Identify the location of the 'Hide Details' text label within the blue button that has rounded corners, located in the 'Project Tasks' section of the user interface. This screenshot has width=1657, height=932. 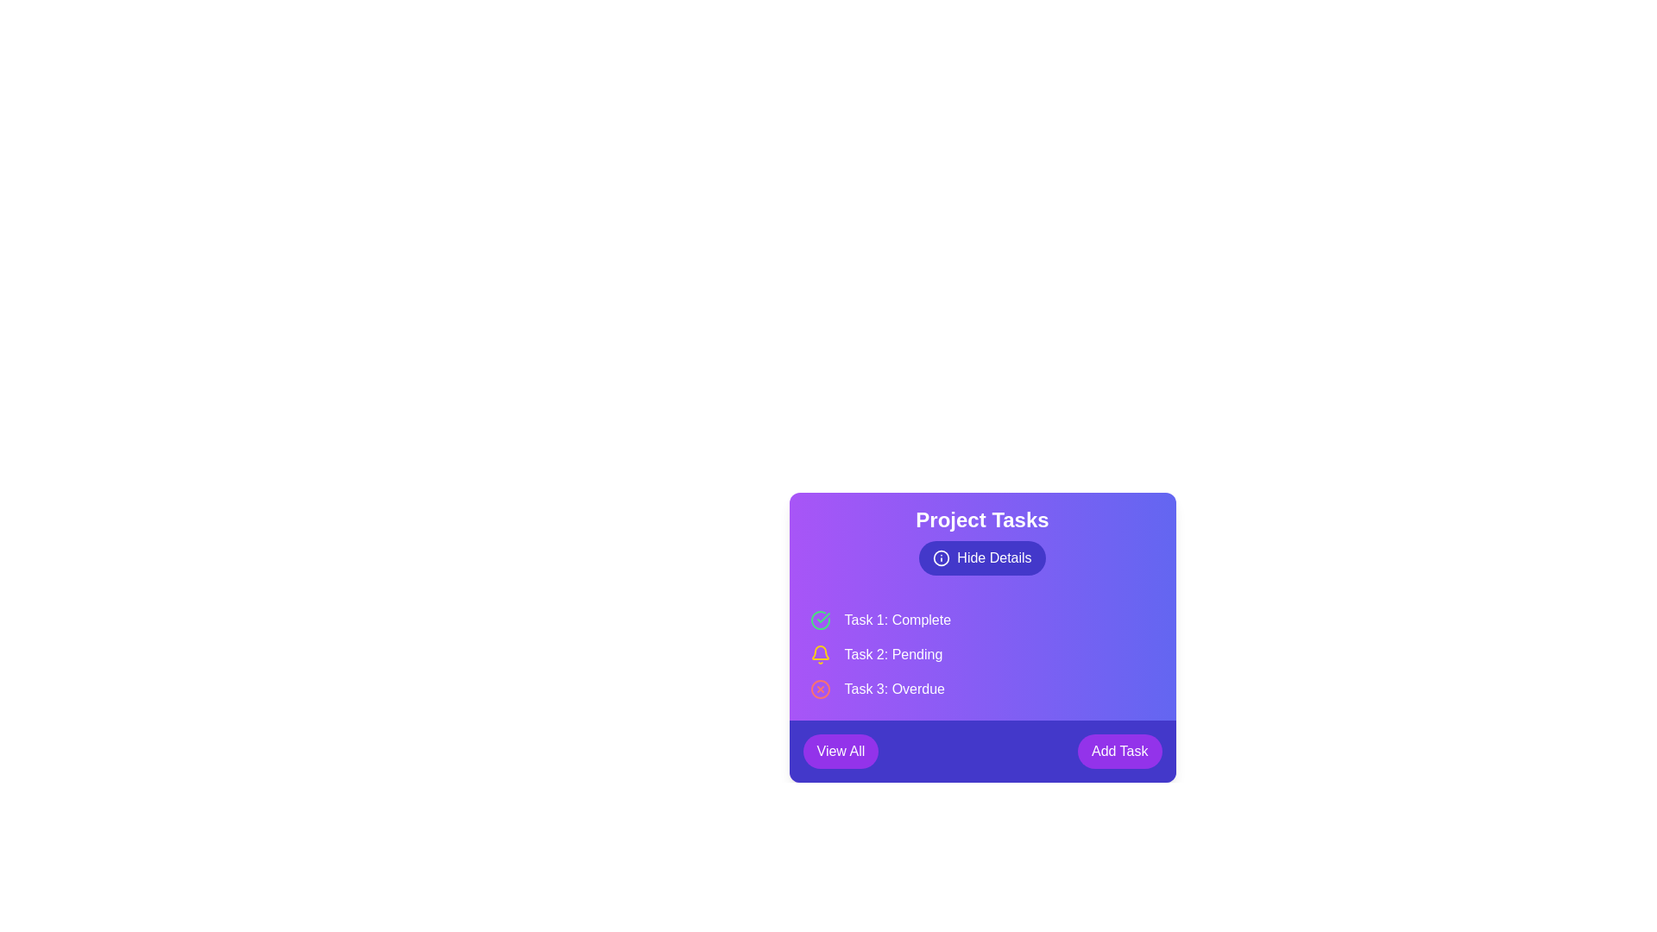
(994, 558).